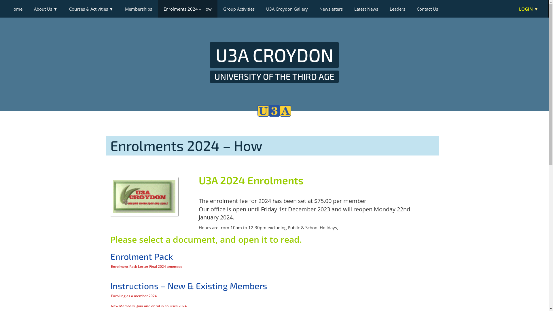 This screenshot has width=553, height=311. Describe the element at coordinates (45, 9) in the screenshot. I see `'About Us'` at that location.